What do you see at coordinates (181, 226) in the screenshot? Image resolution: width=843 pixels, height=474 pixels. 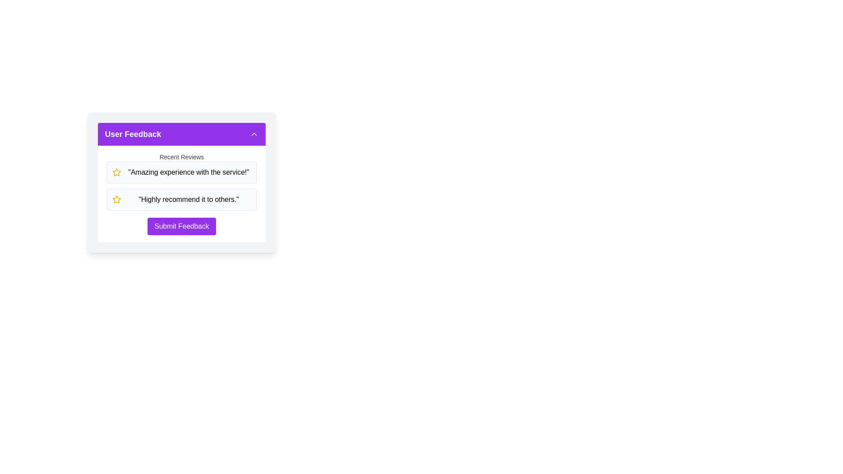 I see `the feedback submission button located at the bottom of the feedback reviews` at bounding box center [181, 226].